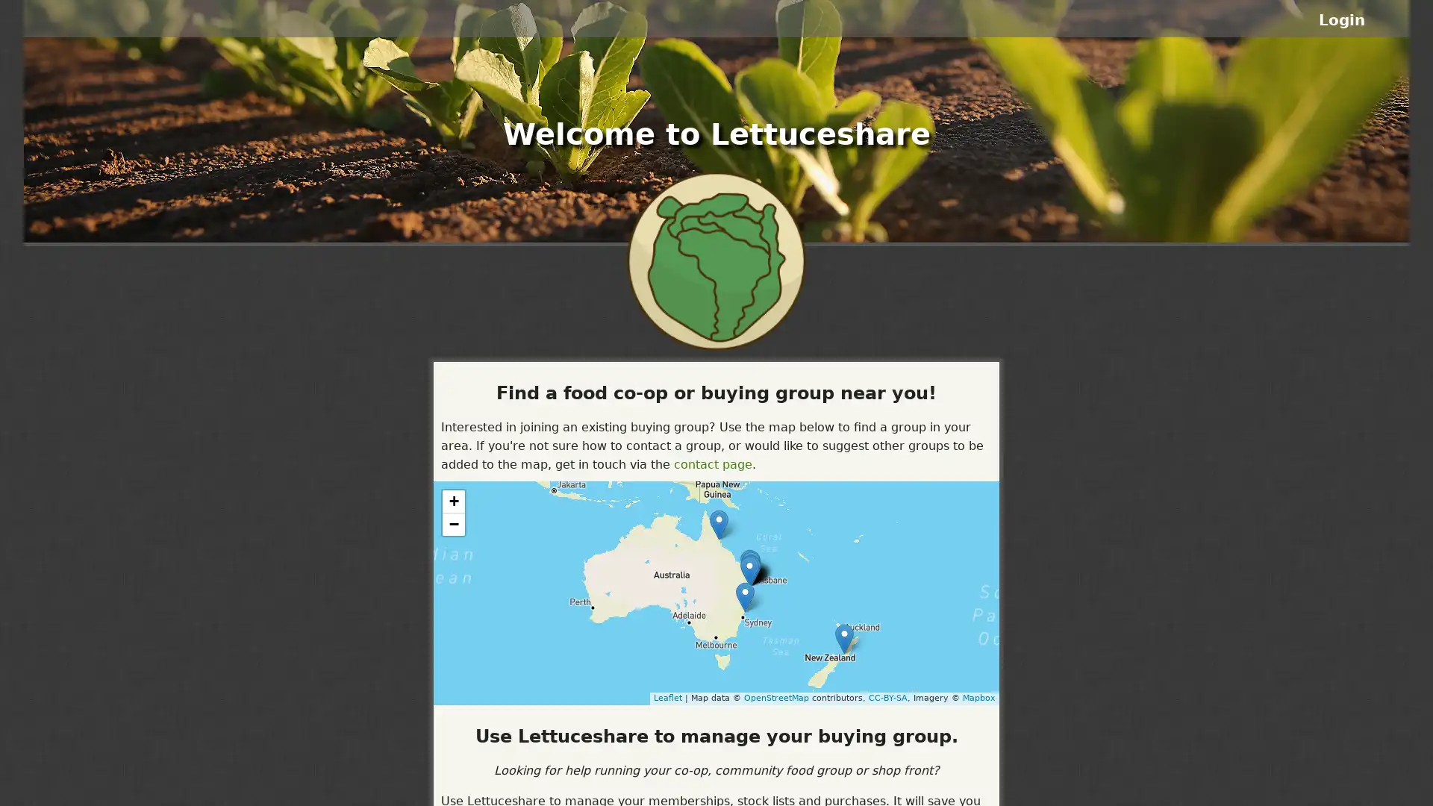 The width and height of the screenshot is (1433, 806). I want to click on Zoom in, so click(453, 501).